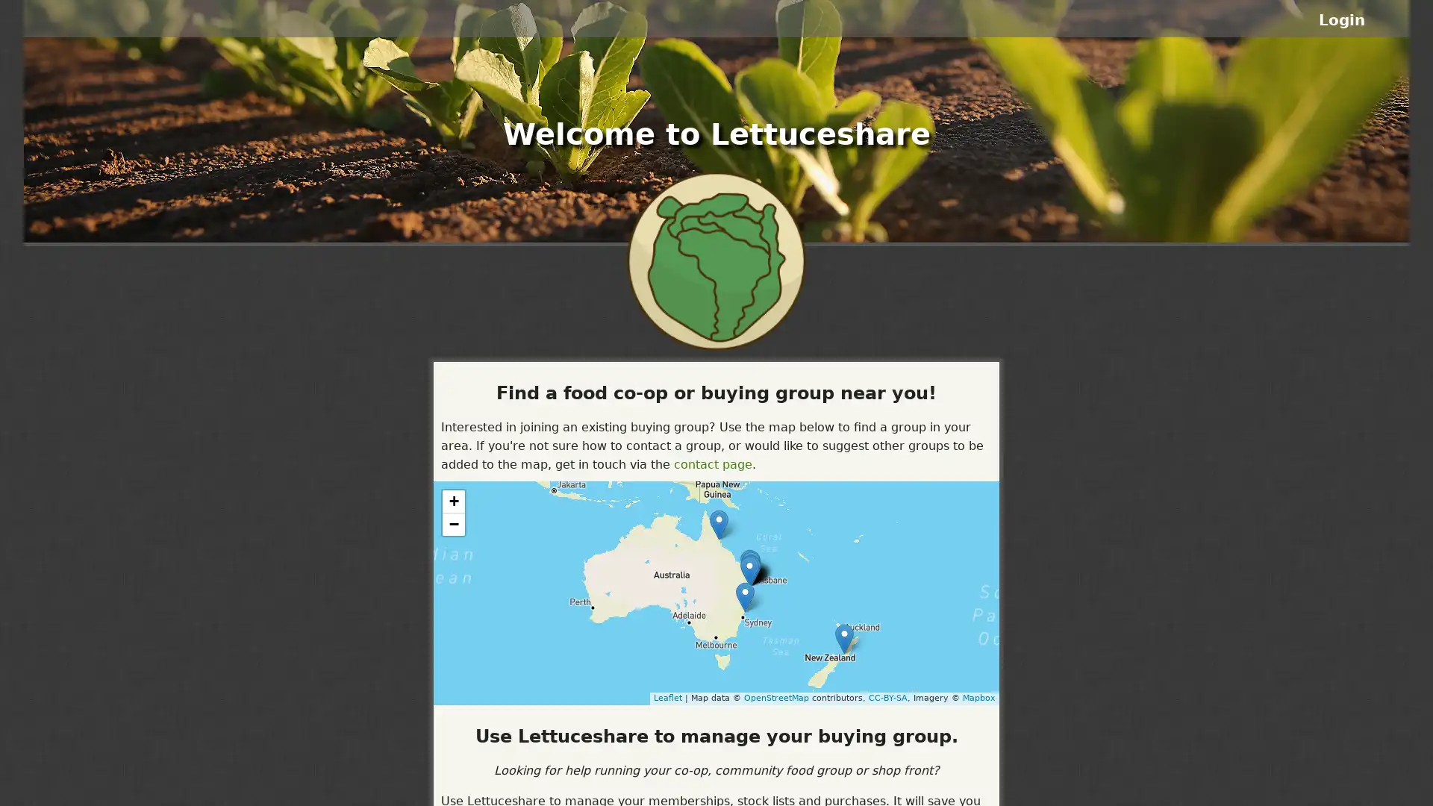 The width and height of the screenshot is (1433, 806). I want to click on Zoom in, so click(453, 501).